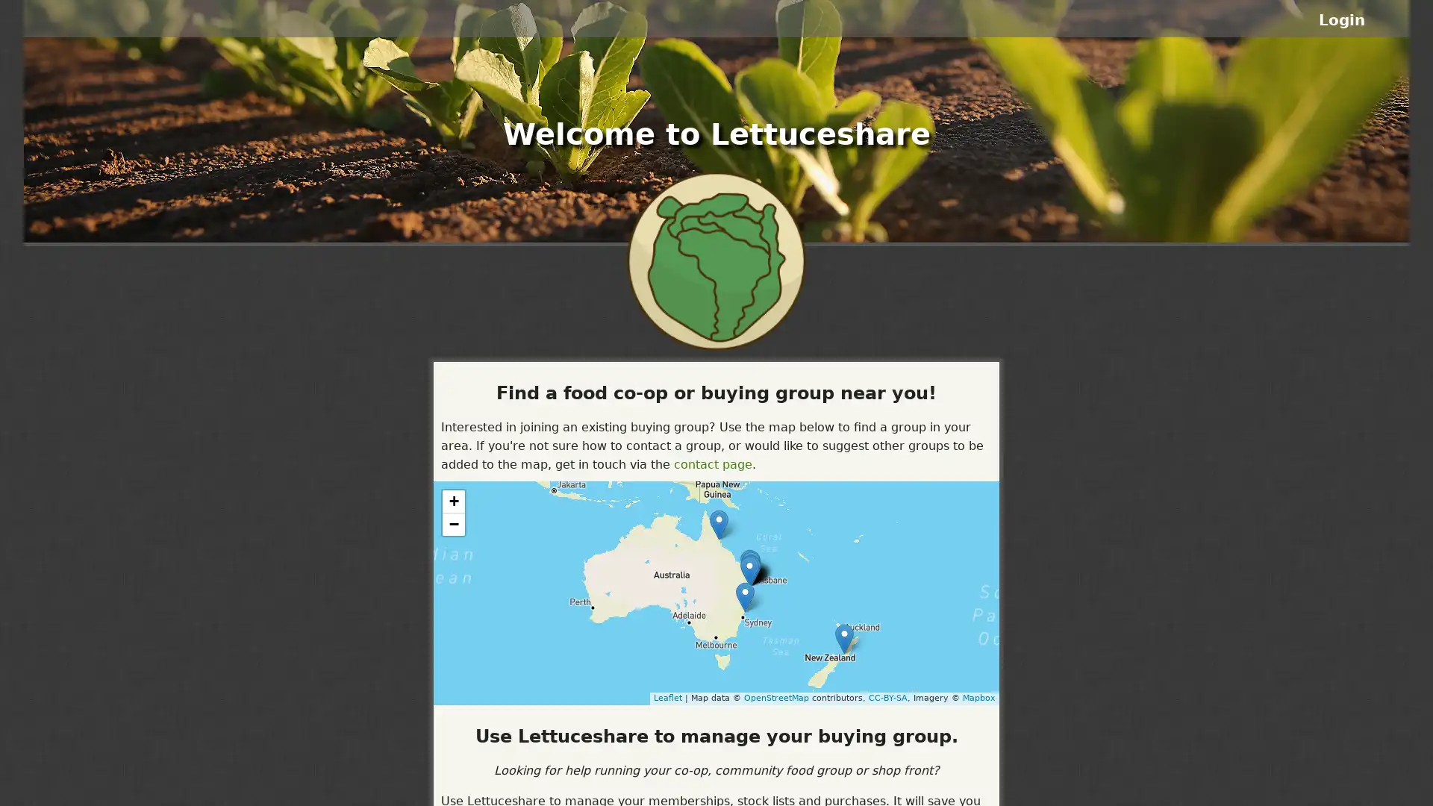 The width and height of the screenshot is (1433, 806). I want to click on Zoom in, so click(453, 501).